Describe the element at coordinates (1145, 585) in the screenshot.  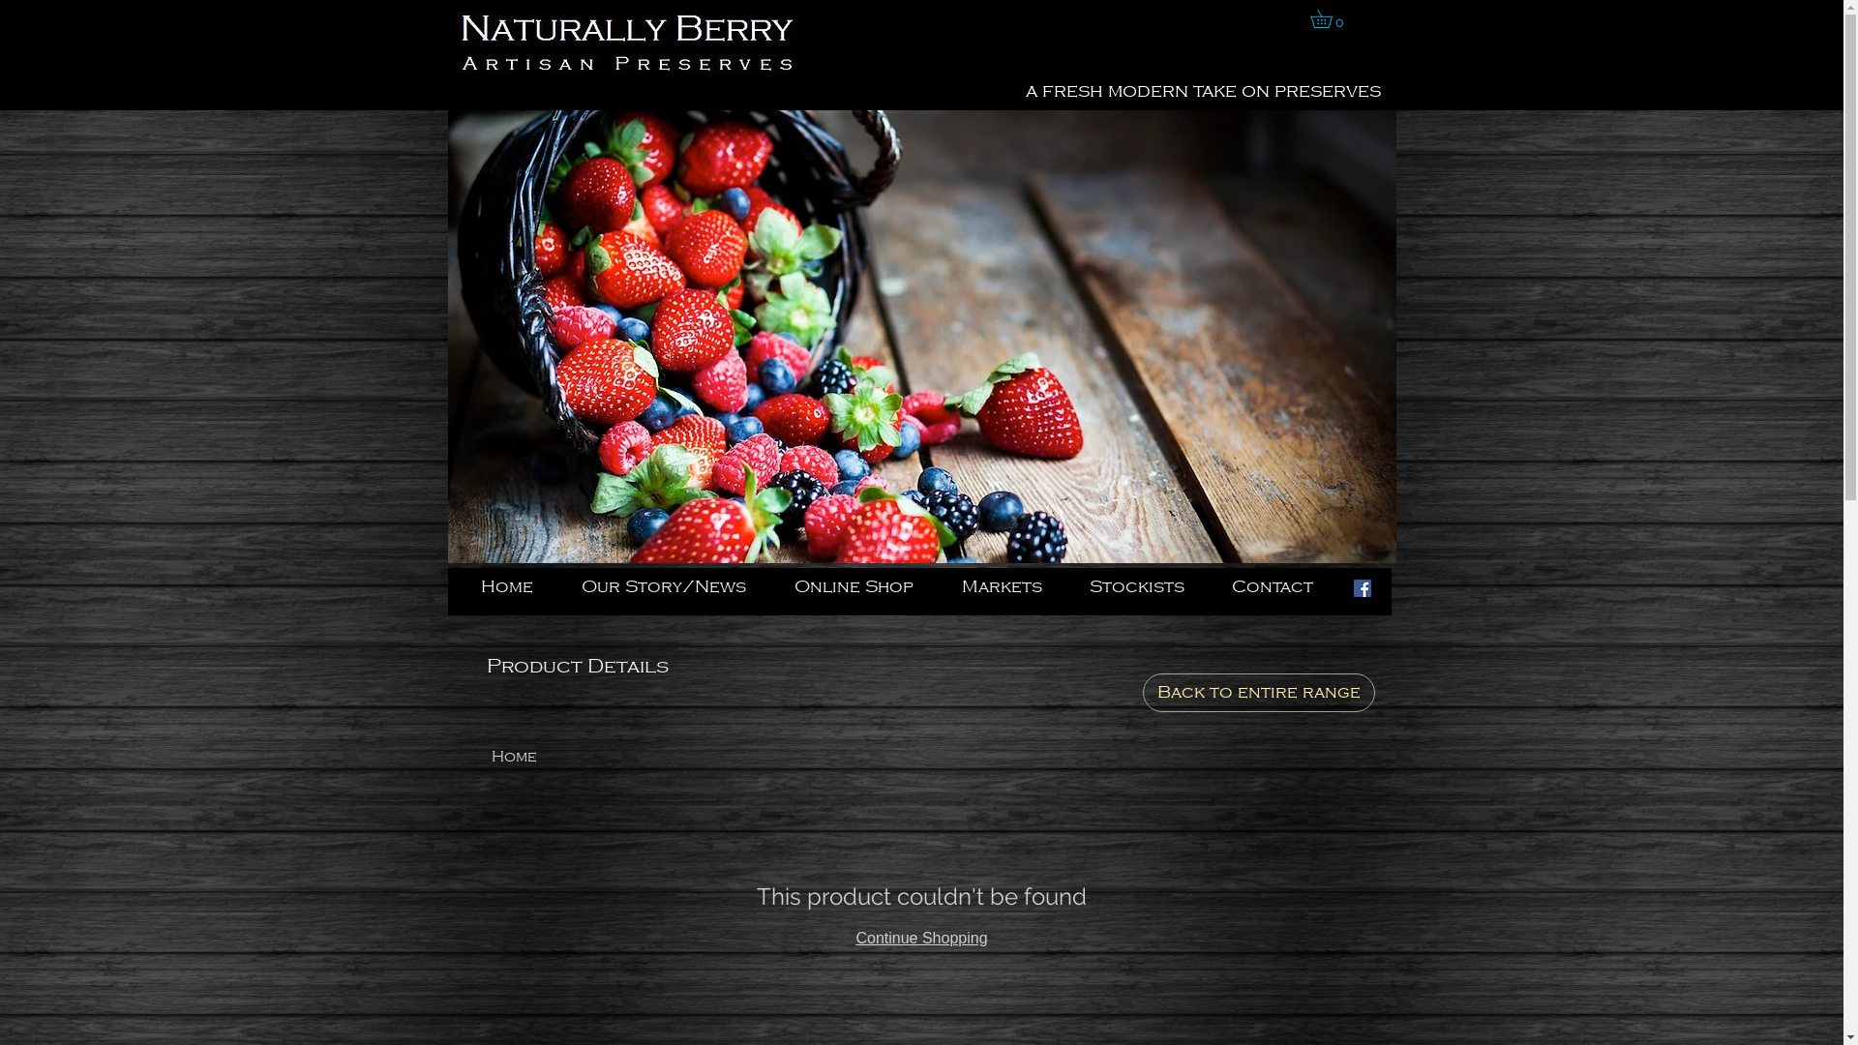
I see `'Stockists'` at that location.